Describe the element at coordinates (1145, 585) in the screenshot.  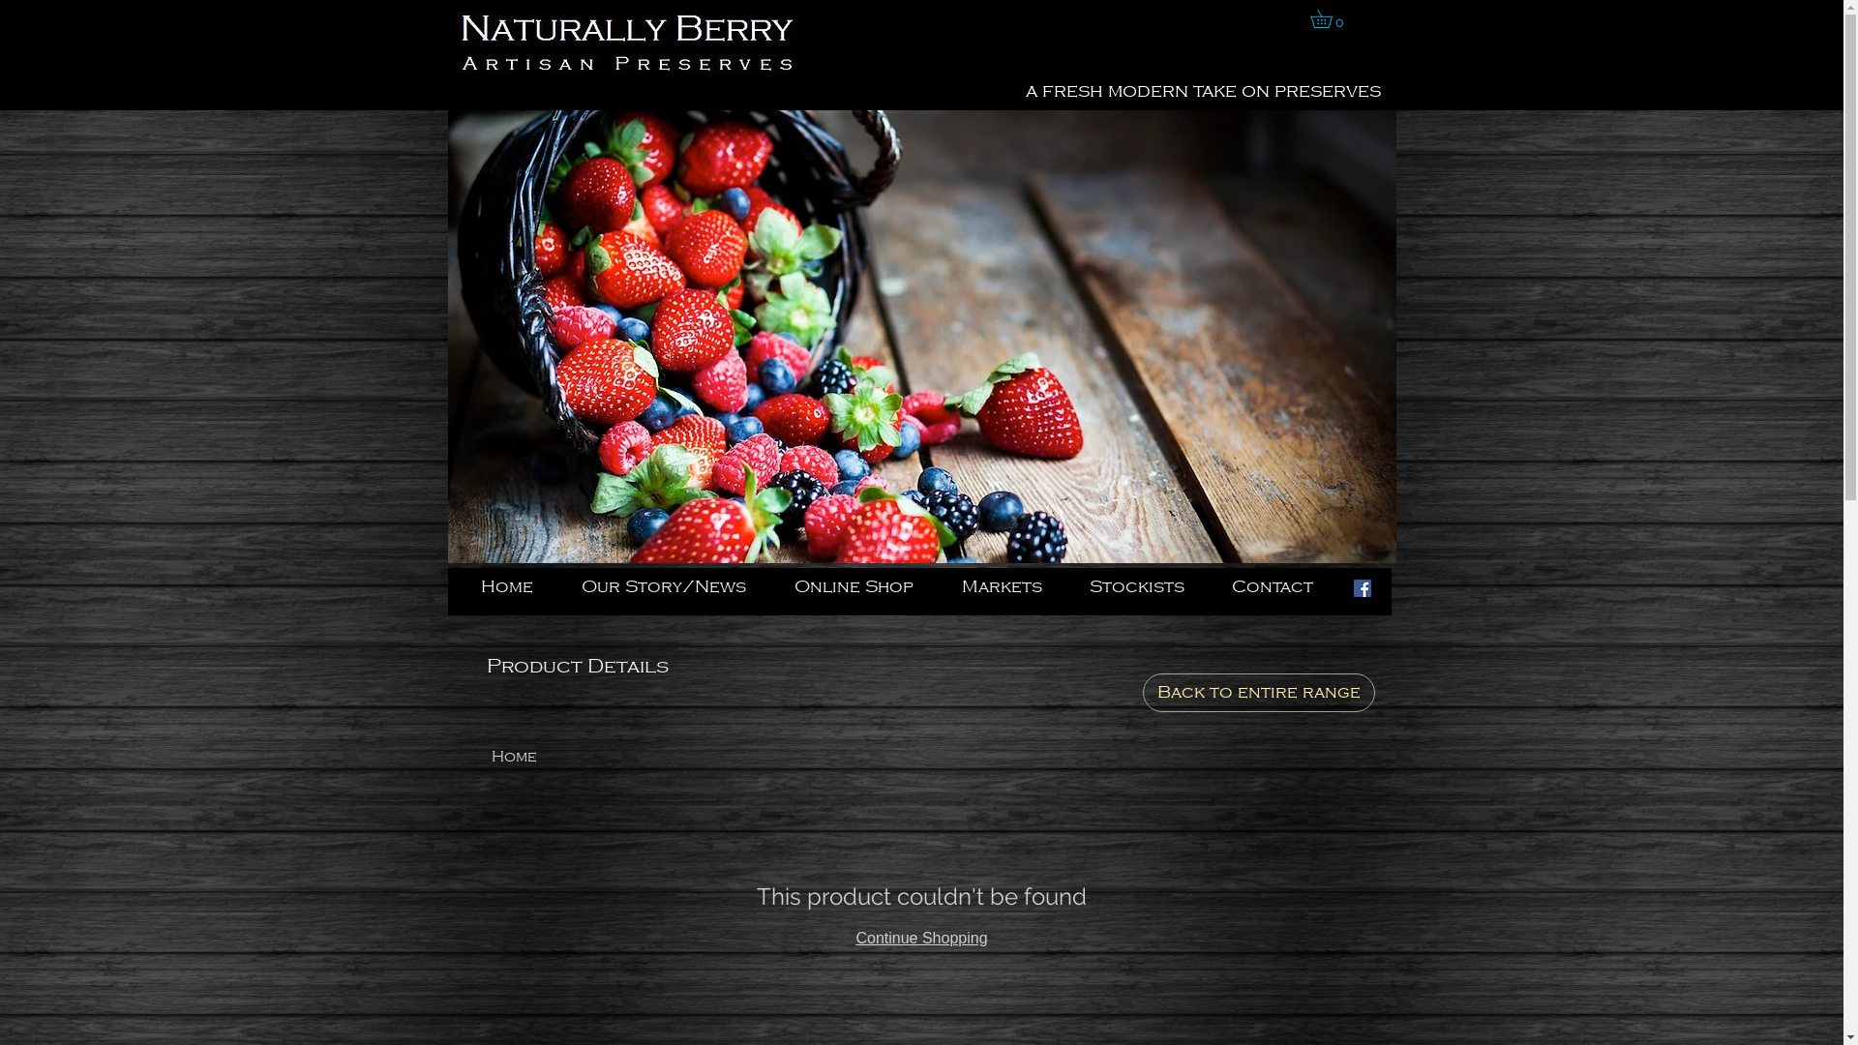
I see `'Stockists'` at that location.